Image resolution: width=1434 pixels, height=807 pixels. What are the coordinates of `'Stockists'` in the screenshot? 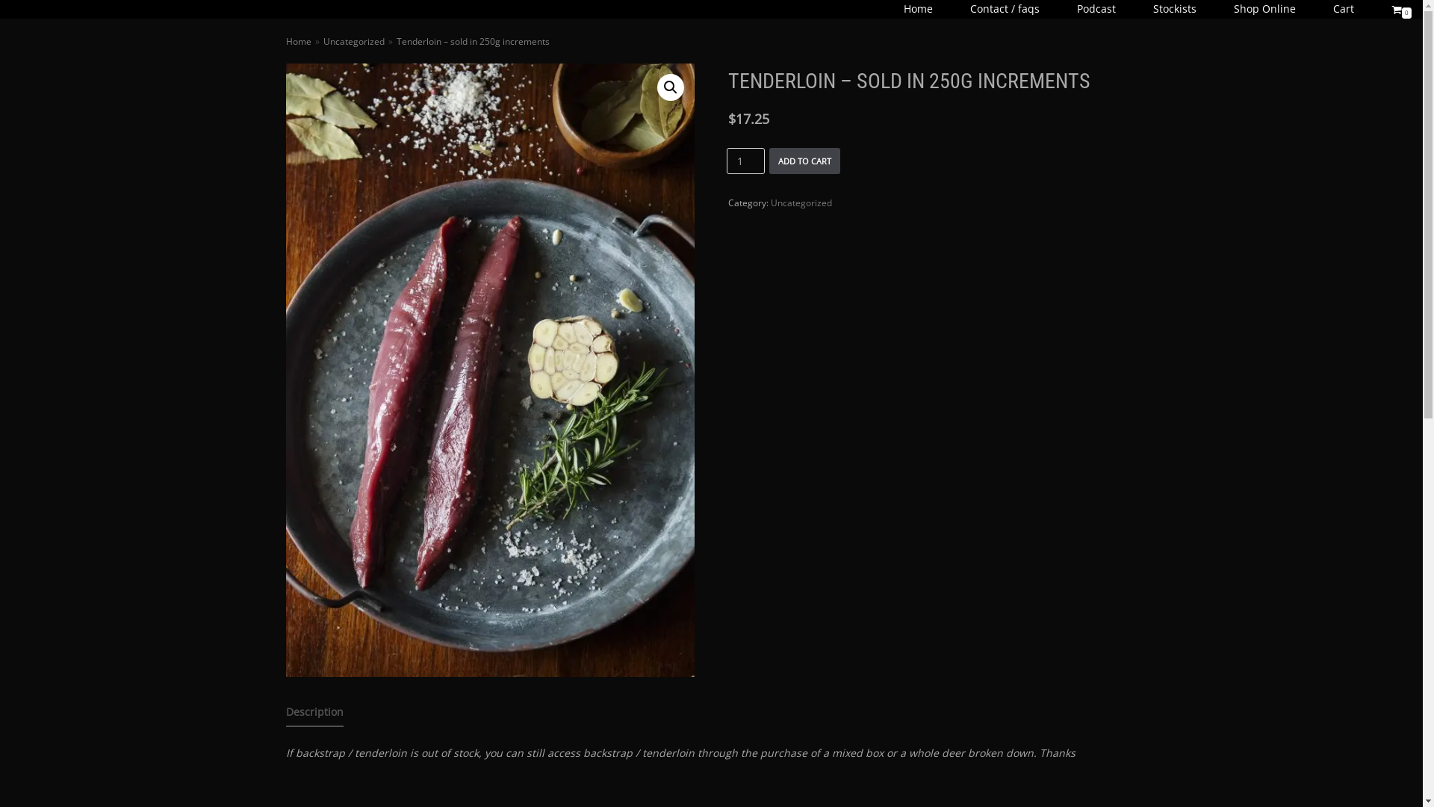 It's located at (1174, 9).